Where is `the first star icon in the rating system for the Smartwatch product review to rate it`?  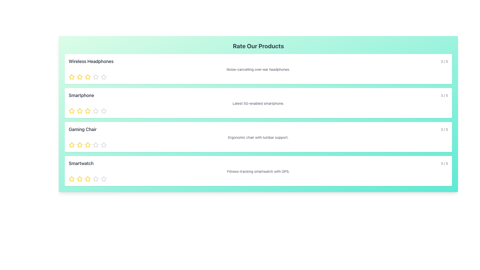
the first star icon in the rating system for the Smartwatch product review to rate it is located at coordinates (71, 179).